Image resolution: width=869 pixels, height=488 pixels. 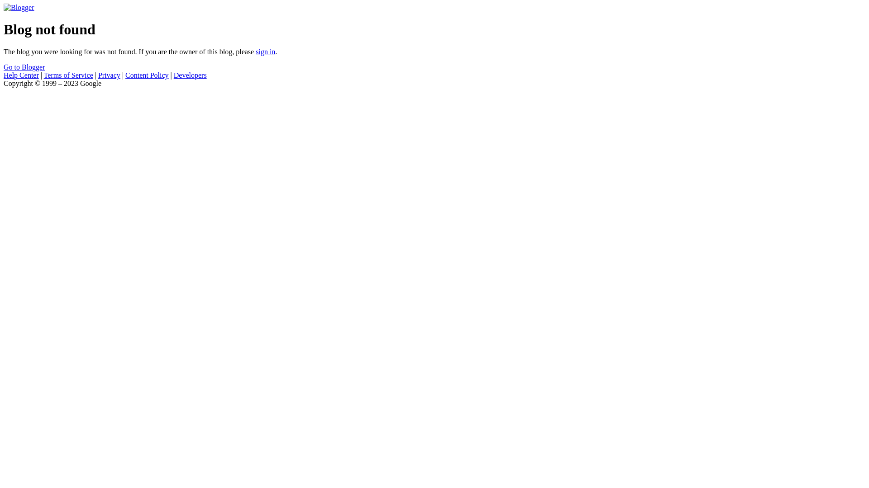 I want to click on 'Go to Blogger', so click(x=24, y=66).